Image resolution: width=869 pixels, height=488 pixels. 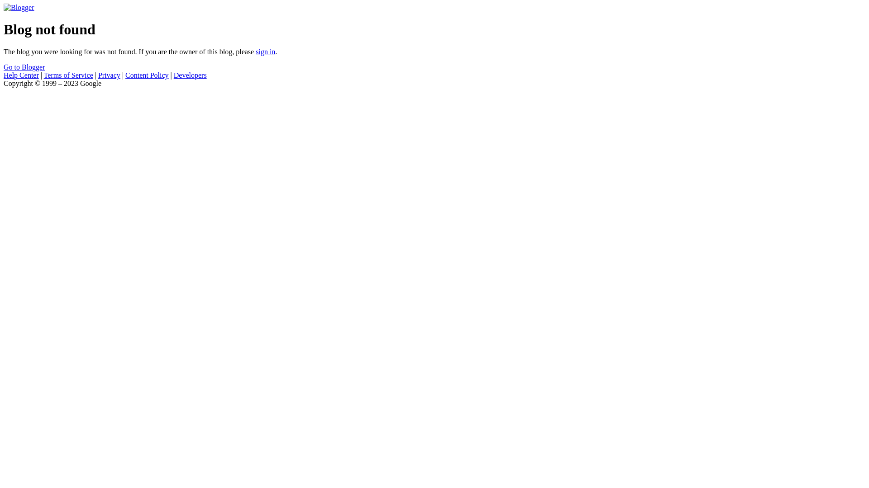 I want to click on 'Go to Blogger', so click(x=24, y=66).